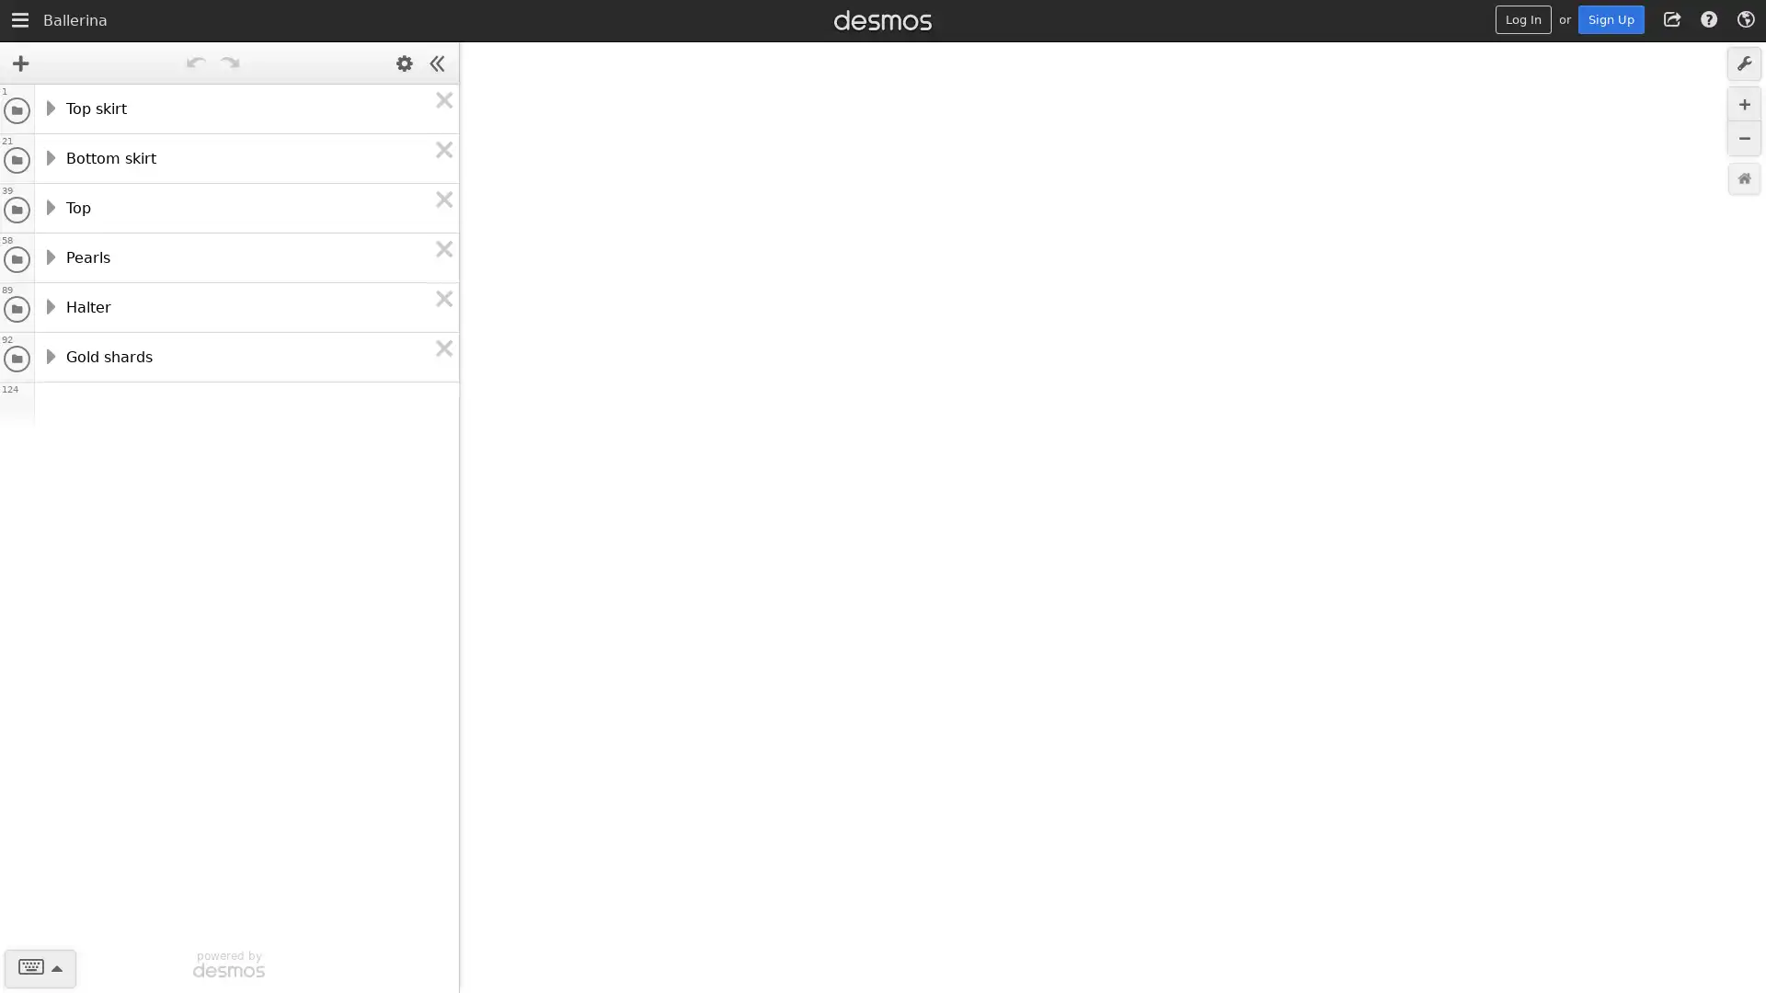 This screenshot has width=1766, height=993. What do you see at coordinates (49, 255) in the screenshot?
I see `Collapse Folder` at bounding box center [49, 255].